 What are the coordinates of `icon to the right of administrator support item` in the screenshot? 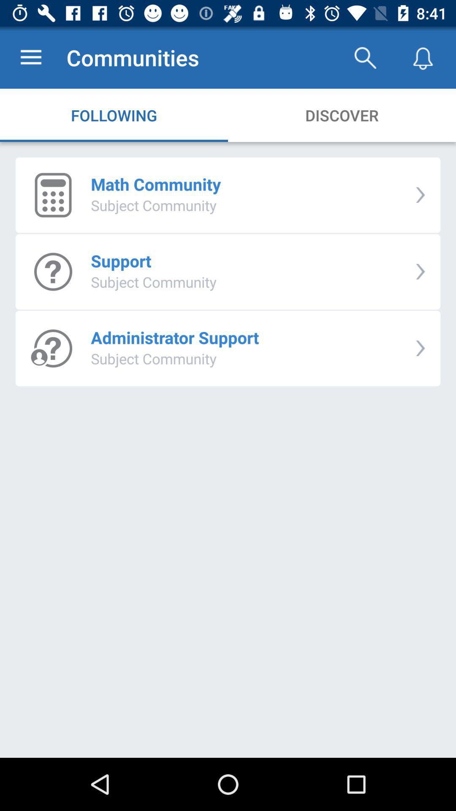 It's located at (420, 348).